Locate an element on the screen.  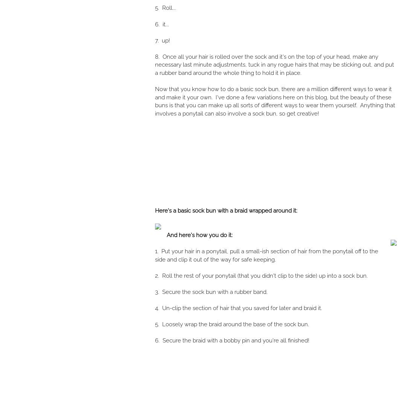
'3.  Secure the sock bun with a rubber band.' is located at coordinates (211, 291).